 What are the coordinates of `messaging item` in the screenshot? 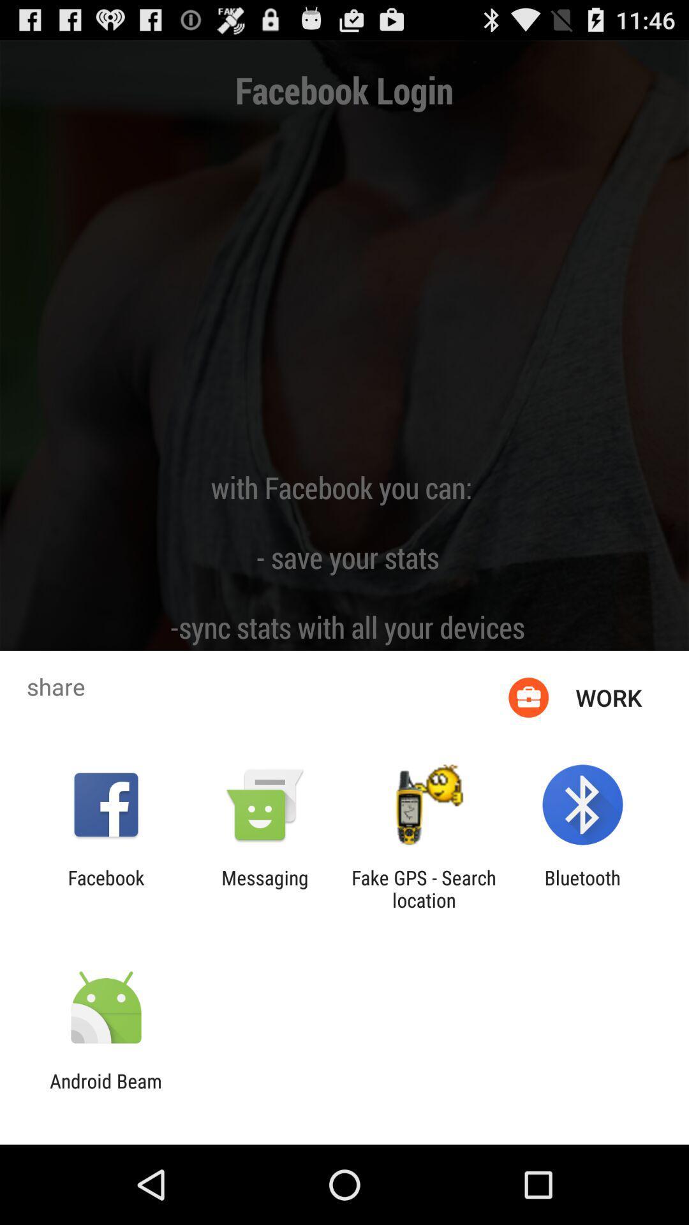 It's located at (264, 888).